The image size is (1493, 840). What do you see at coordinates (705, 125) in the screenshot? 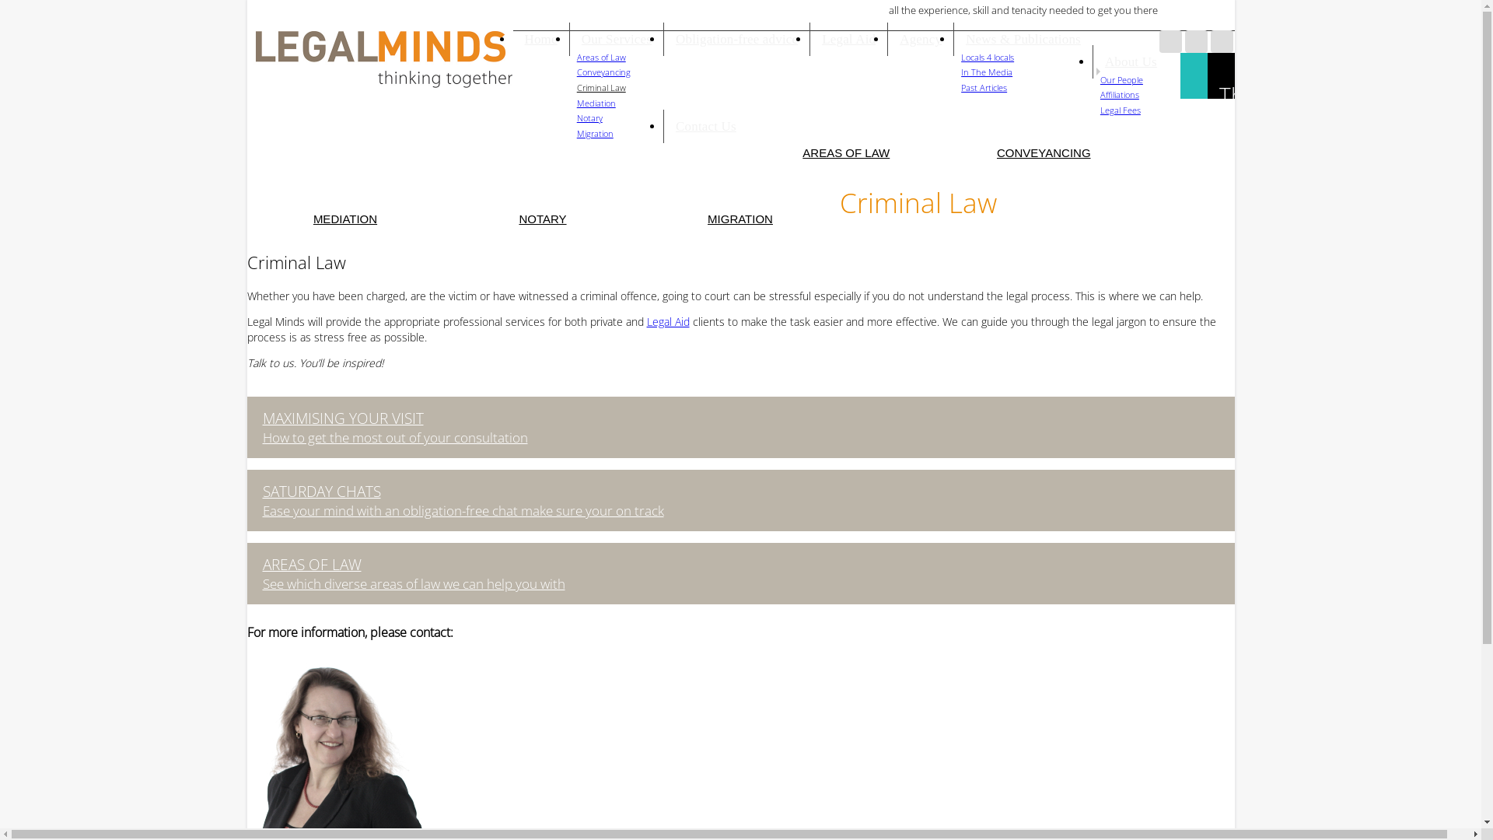
I see `'Contact Us'` at bounding box center [705, 125].